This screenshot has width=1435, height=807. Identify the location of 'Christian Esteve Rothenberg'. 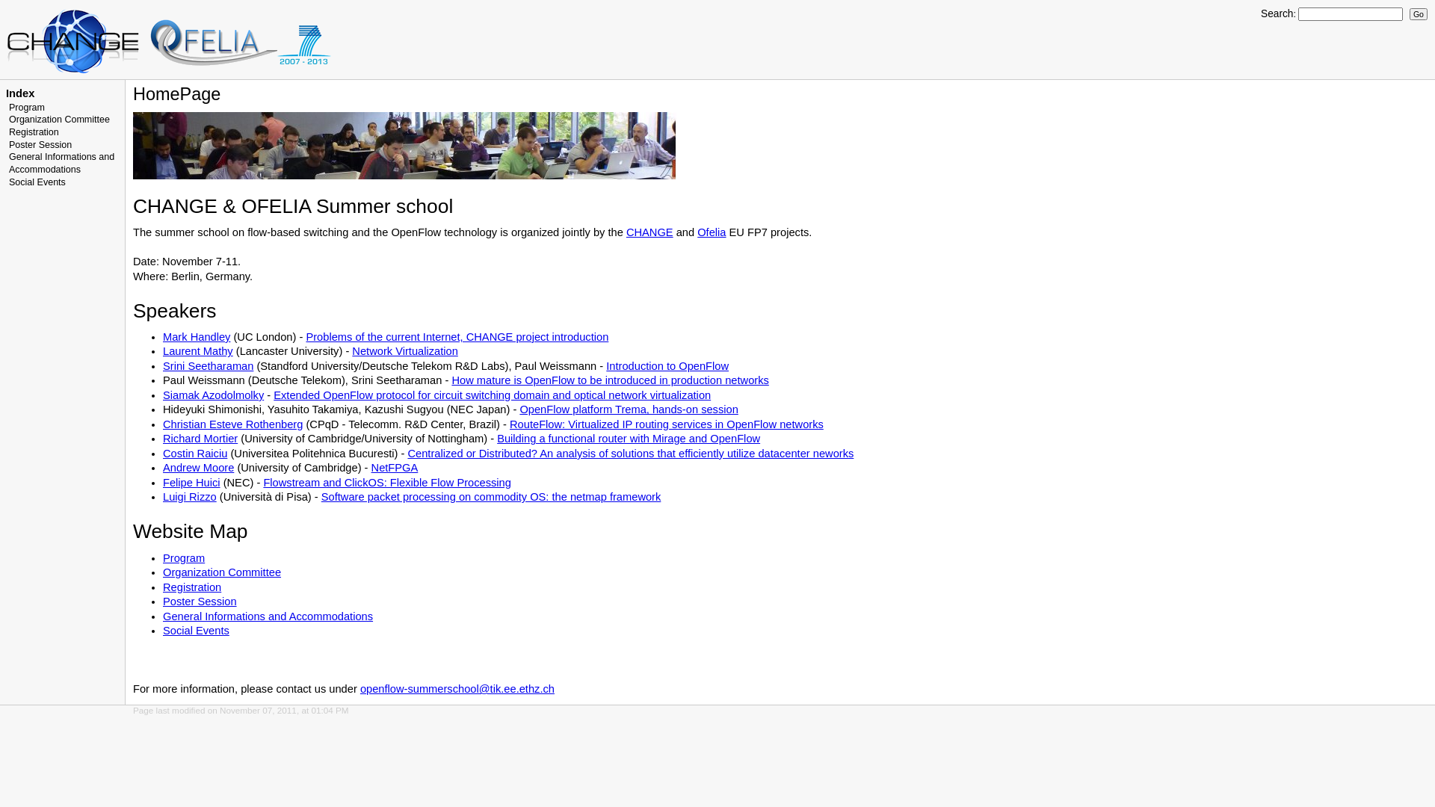
(232, 424).